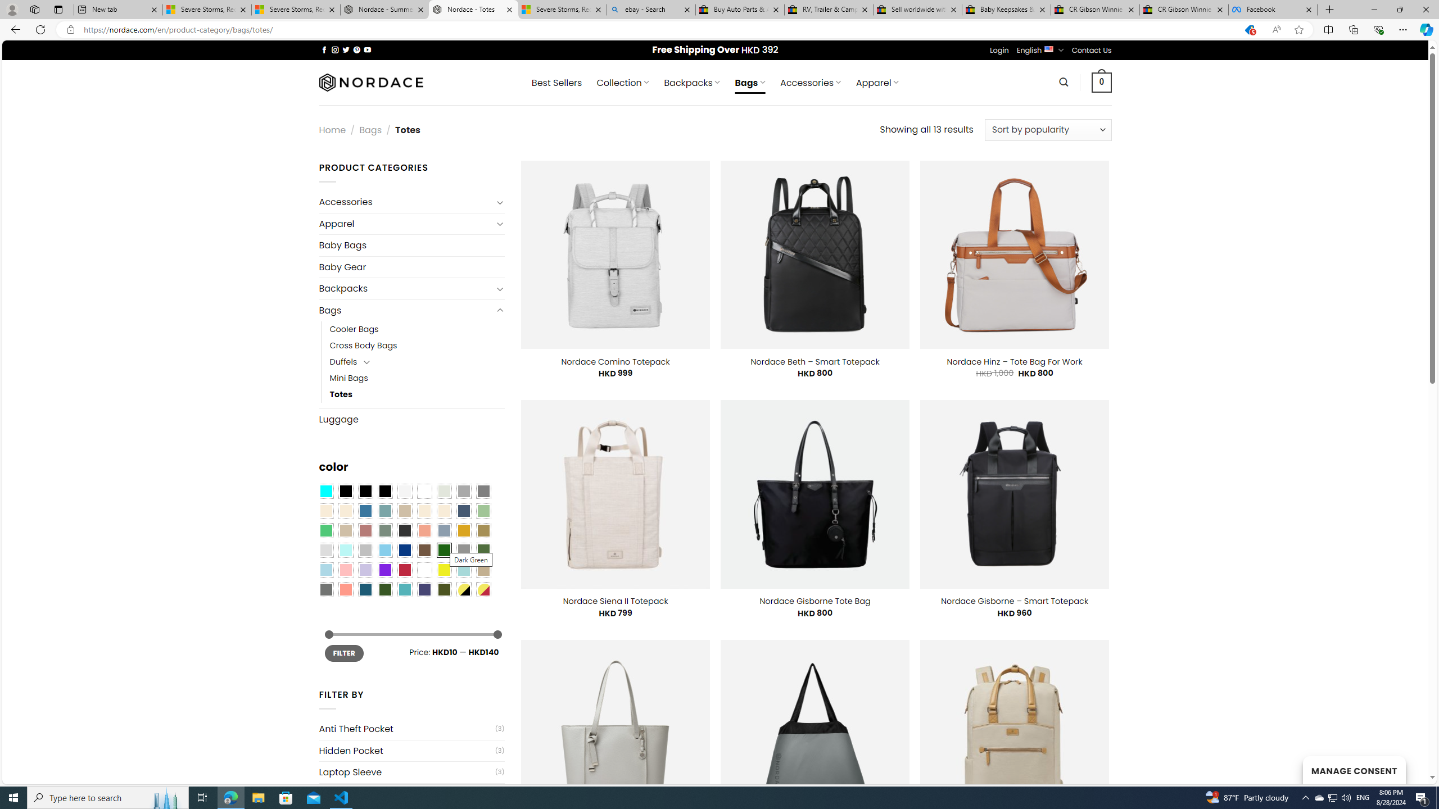 The width and height of the screenshot is (1439, 809). I want to click on 'Follow on Instagram', so click(334, 49).